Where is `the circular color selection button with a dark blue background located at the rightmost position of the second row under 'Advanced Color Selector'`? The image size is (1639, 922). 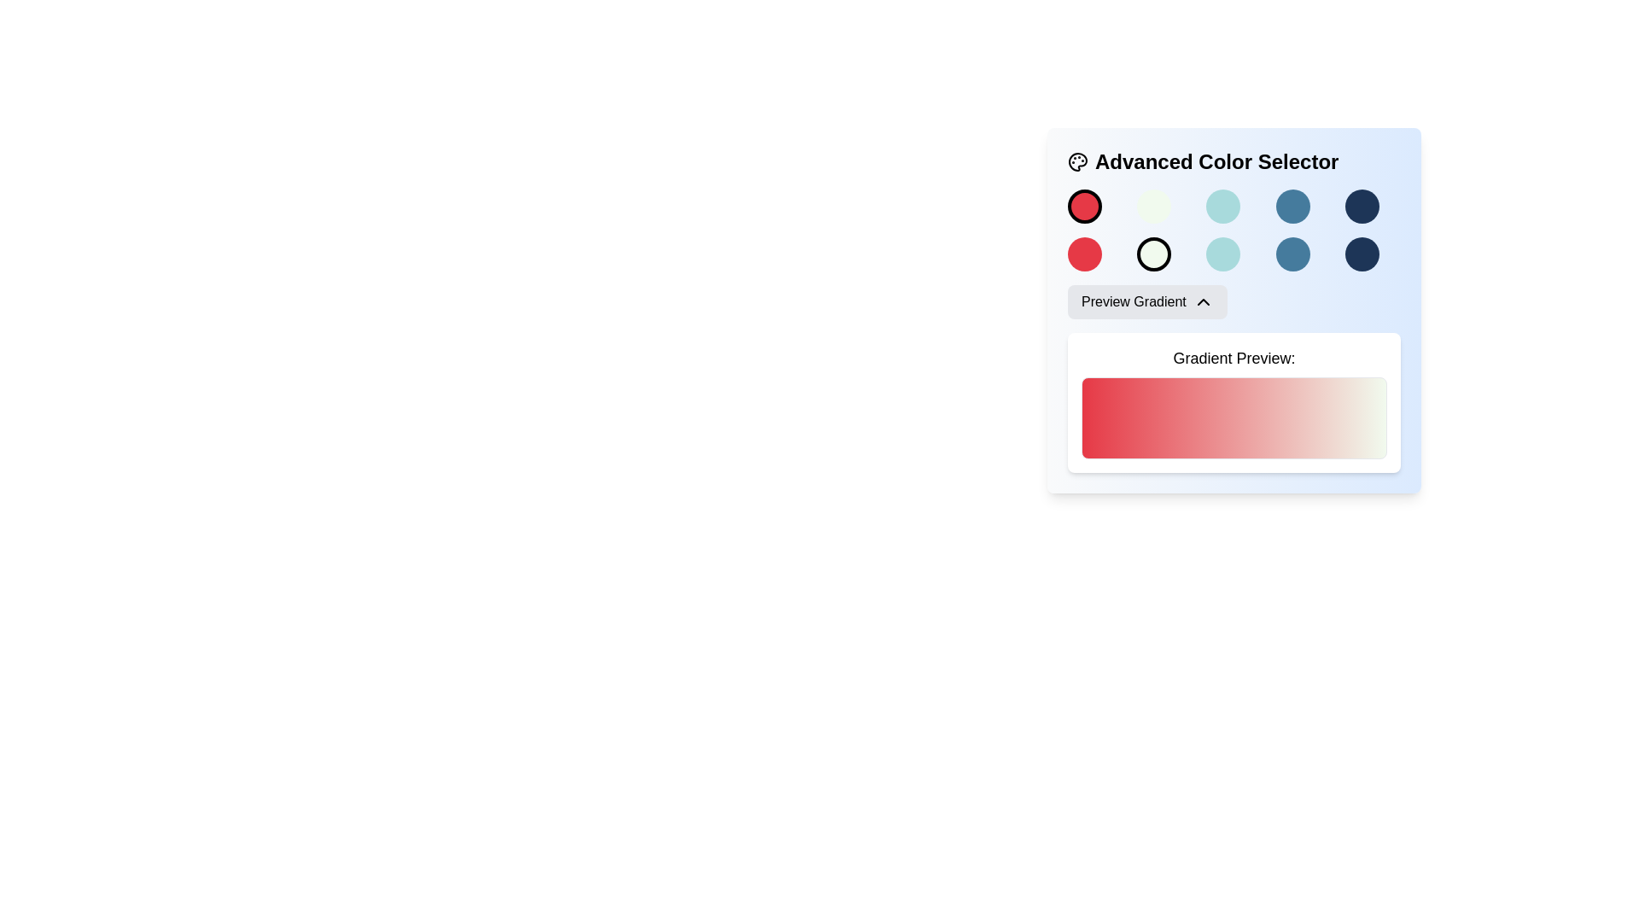 the circular color selection button with a dark blue background located at the rightmost position of the second row under 'Advanced Color Selector' is located at coordinates (1361, 254).